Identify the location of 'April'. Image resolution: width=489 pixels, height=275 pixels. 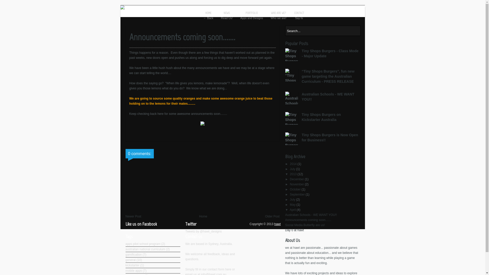
(293, 210).